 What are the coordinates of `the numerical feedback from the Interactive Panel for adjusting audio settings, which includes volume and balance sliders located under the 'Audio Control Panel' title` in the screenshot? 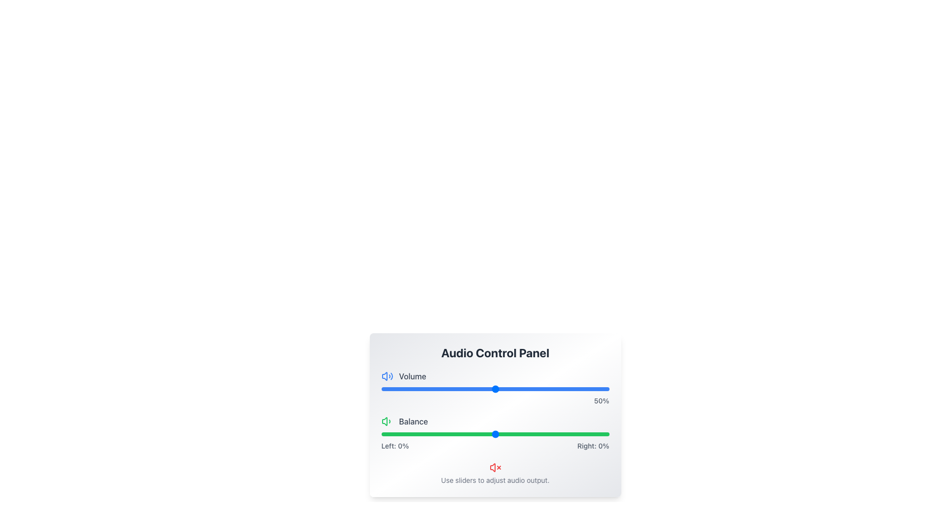 It's located at (495, 415).